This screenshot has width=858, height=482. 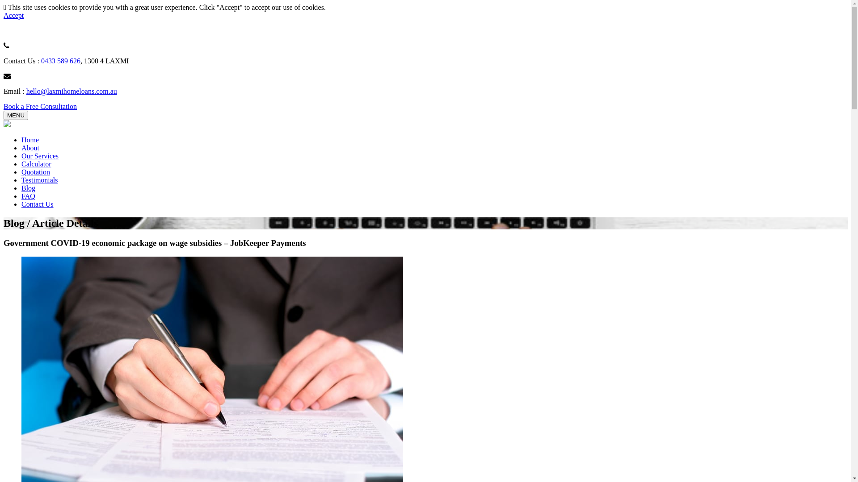 I want to click on 'Home', so click(x=30, y=140).